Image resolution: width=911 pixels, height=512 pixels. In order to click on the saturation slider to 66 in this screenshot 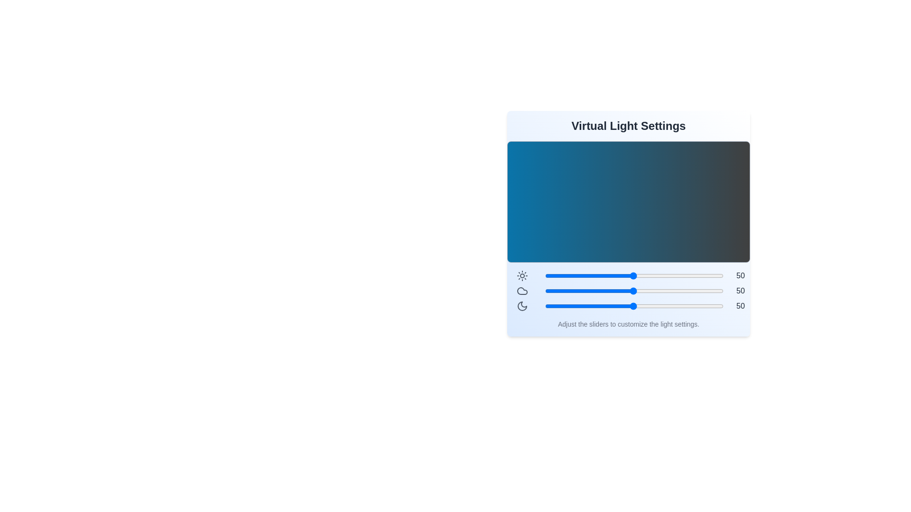, I will do `click(661, 306)`.